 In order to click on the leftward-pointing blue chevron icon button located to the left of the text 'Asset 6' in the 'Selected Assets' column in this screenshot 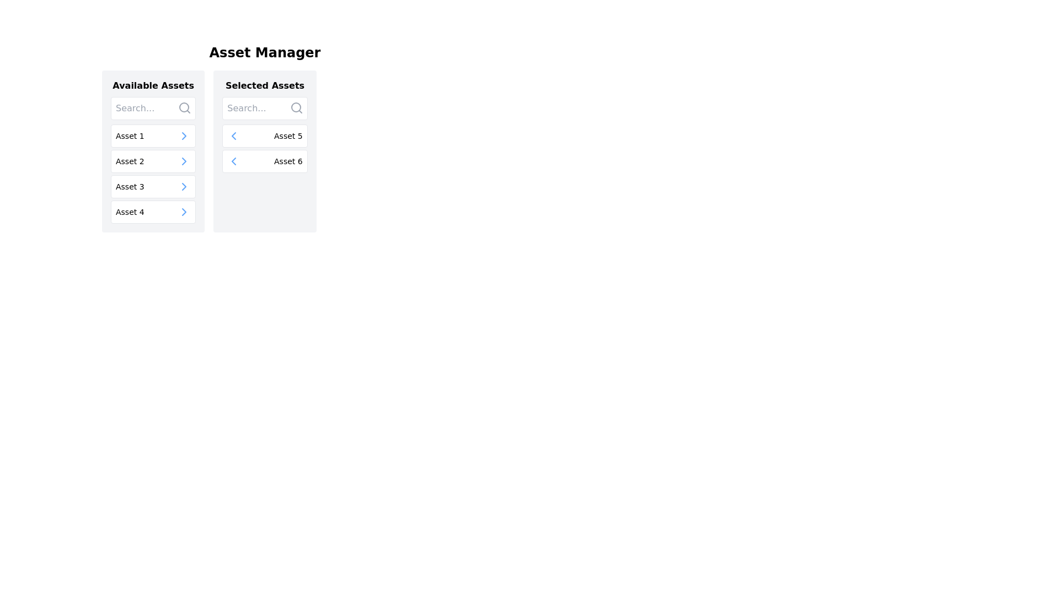, I will do `click(233, 161)`.